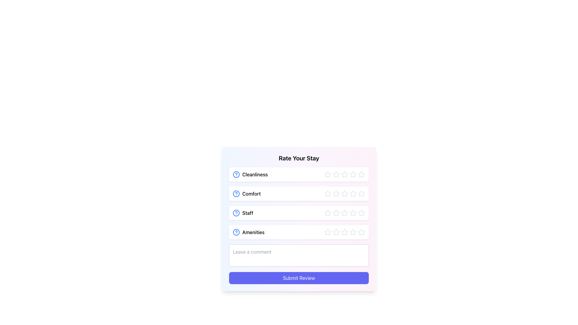 The height and width of the screenshot is (325, 578). Describe the element at coordinates (236, 232) in the screenshot. I see `the circular icon with a blue outline and a question mark symbol, located to the left of the 'Amenities' label in the 'Rate Your Stay' section` at that location.